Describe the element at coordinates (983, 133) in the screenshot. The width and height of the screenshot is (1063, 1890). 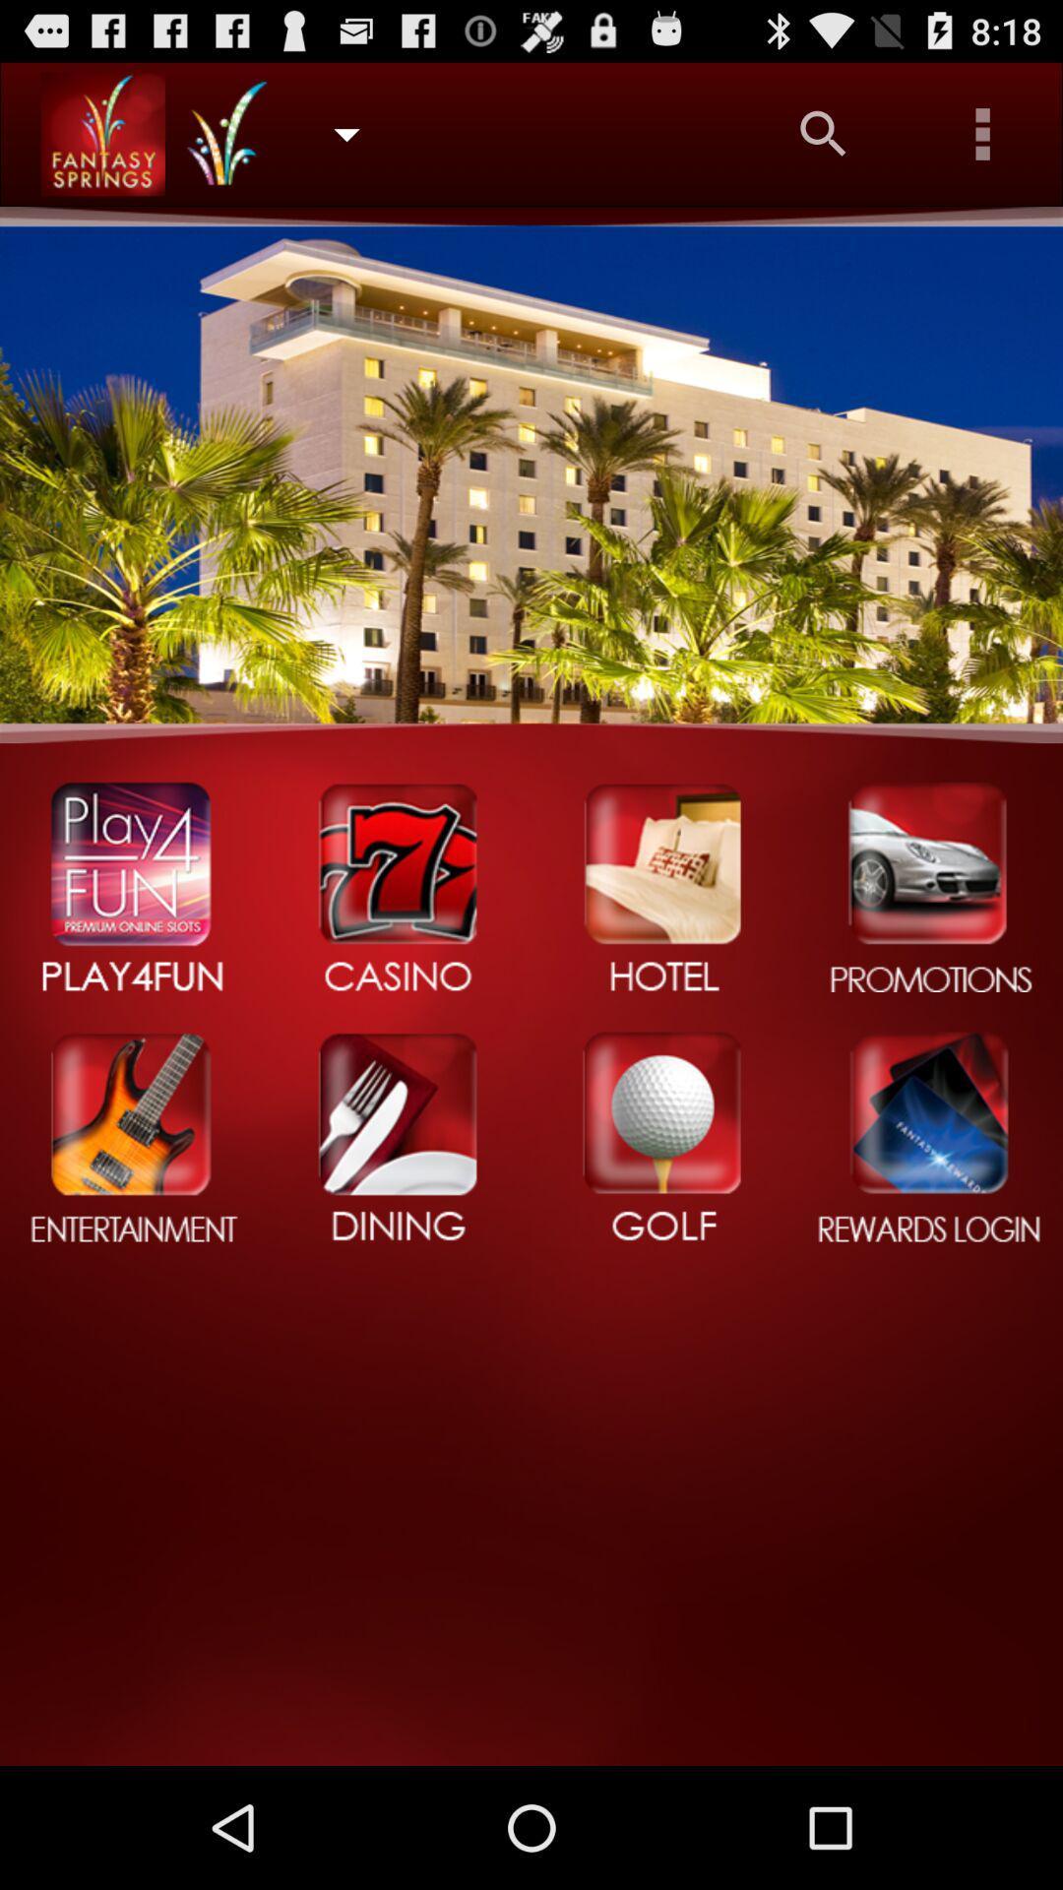
I see `3 dots menu` at that location.